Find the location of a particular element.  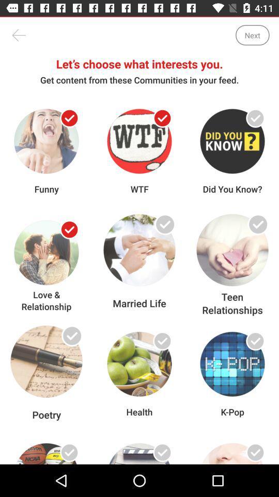

option is located at coordinates (69, 452).